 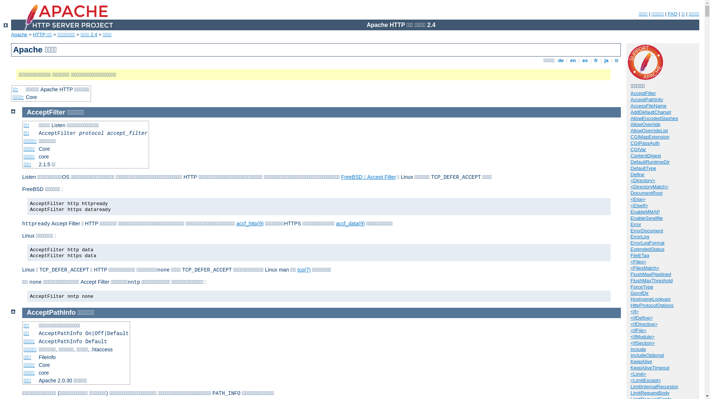 What do you see at coordinates (651, 274) in the screenshot?
I see `'FlushMaxPipelined'` at bounding box center [651, 274].